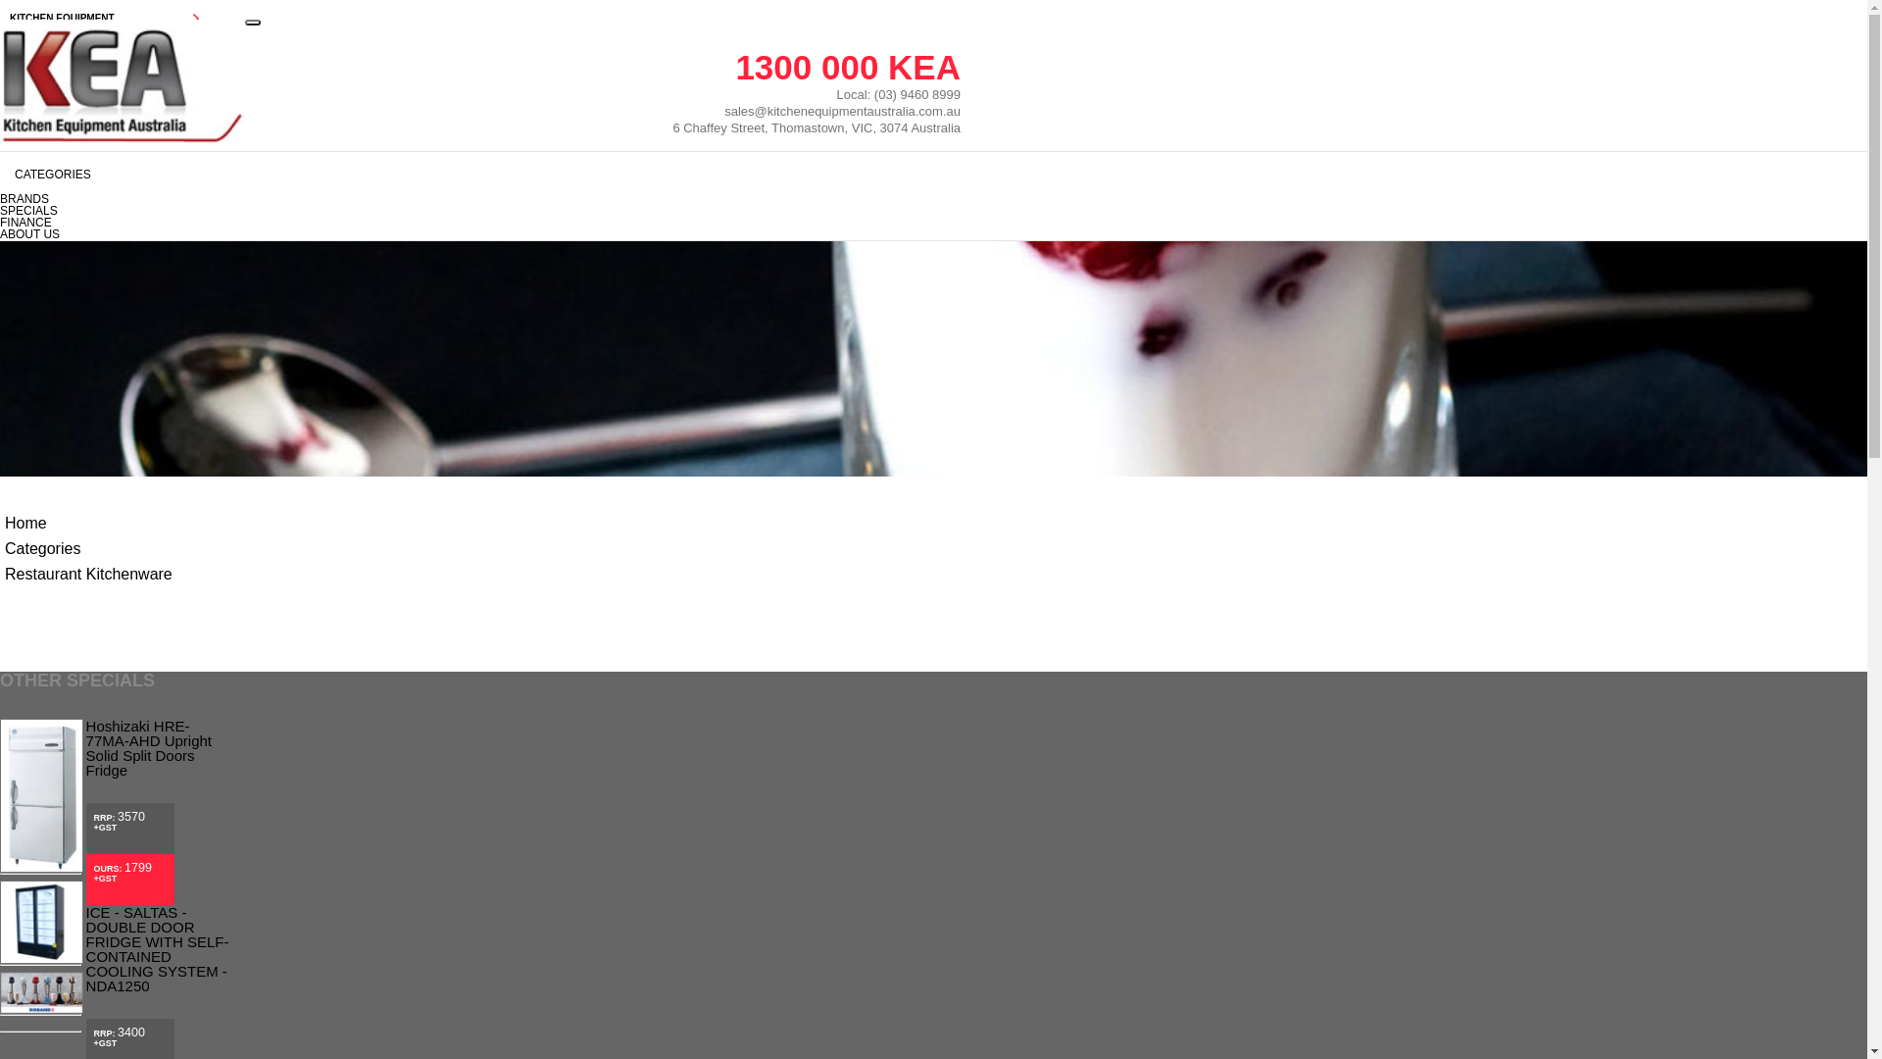 Image resolution: width=1882 pixels, height=1059 pixels. Describe the element at coordinates (4, 522) in the screenshot. I see `'Home'` at that location.